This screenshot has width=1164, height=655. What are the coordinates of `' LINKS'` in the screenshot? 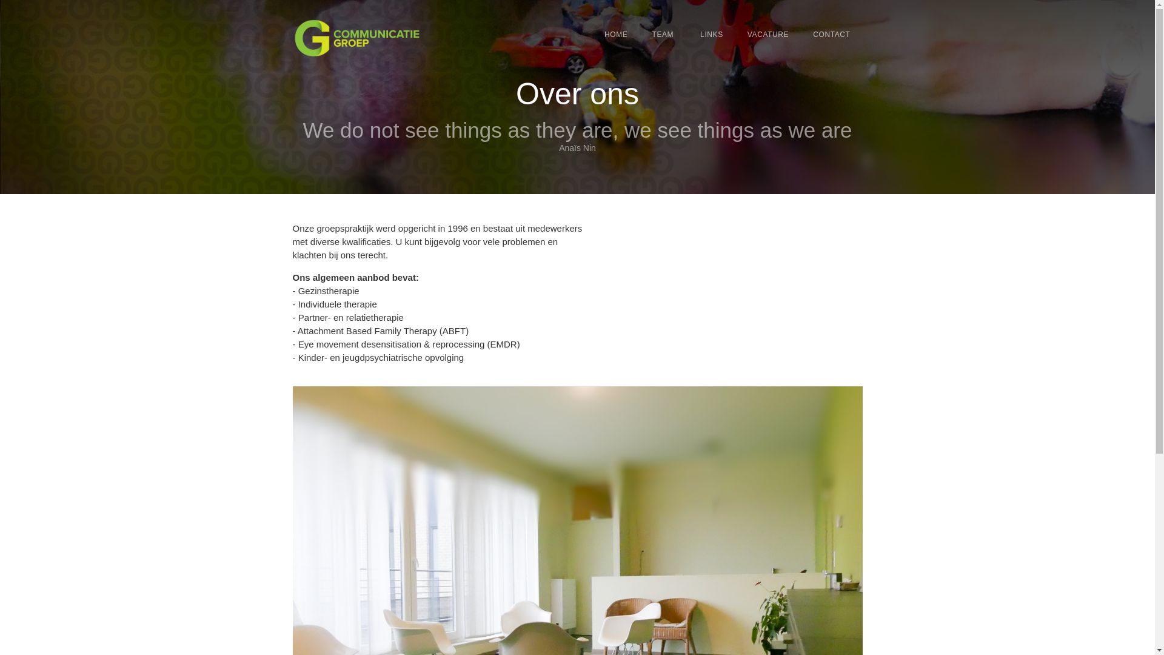 It's located at (710, 34).